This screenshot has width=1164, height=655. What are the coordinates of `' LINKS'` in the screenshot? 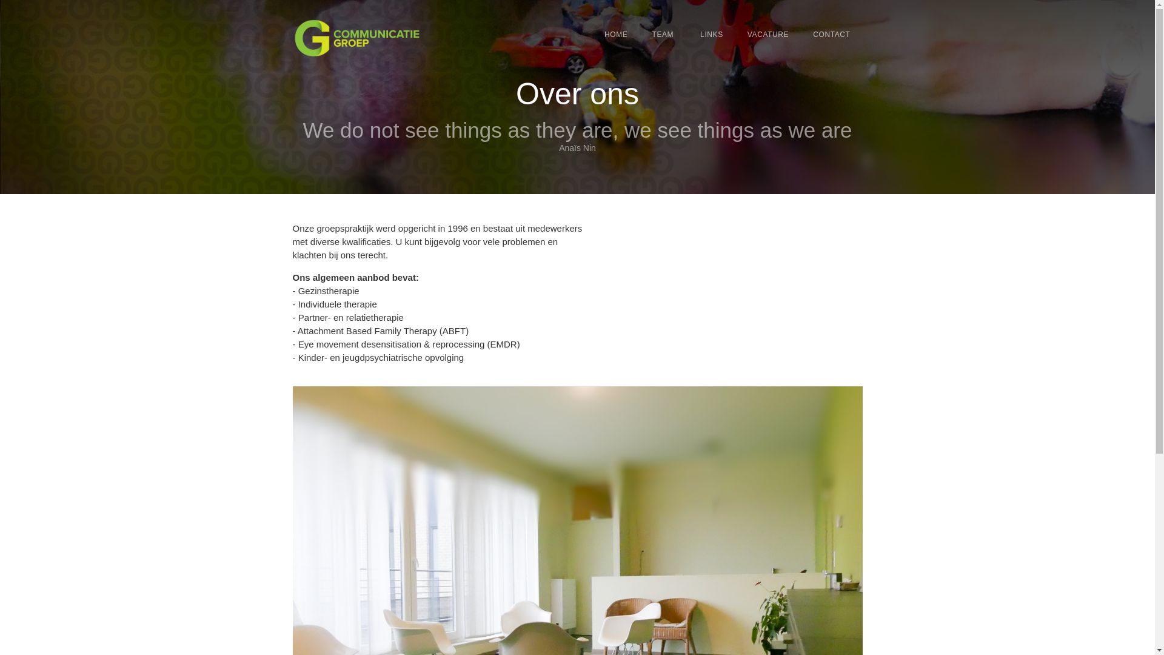 It's located at (710, 34).